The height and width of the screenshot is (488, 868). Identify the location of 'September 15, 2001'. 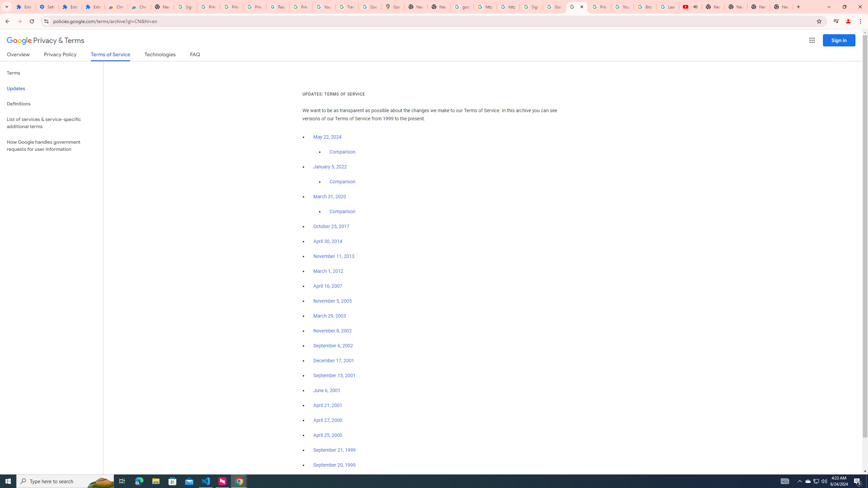
(334, 375).